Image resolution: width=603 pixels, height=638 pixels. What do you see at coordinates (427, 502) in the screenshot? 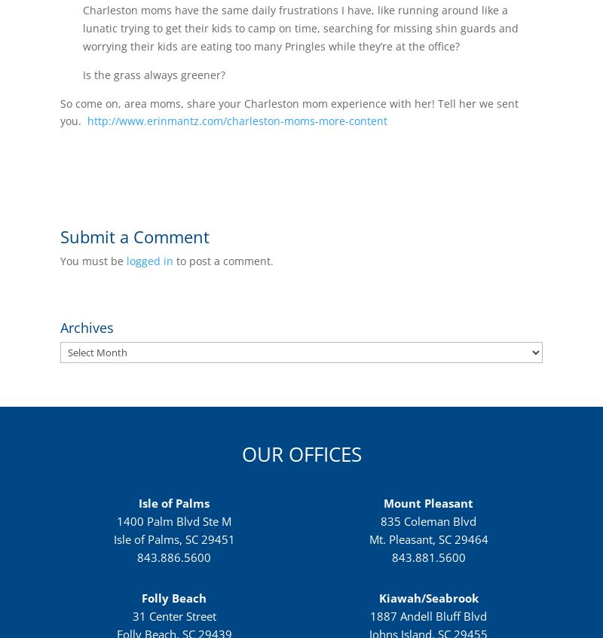
I see `'Mount Pleasant'` at bounding box center [427, 502].